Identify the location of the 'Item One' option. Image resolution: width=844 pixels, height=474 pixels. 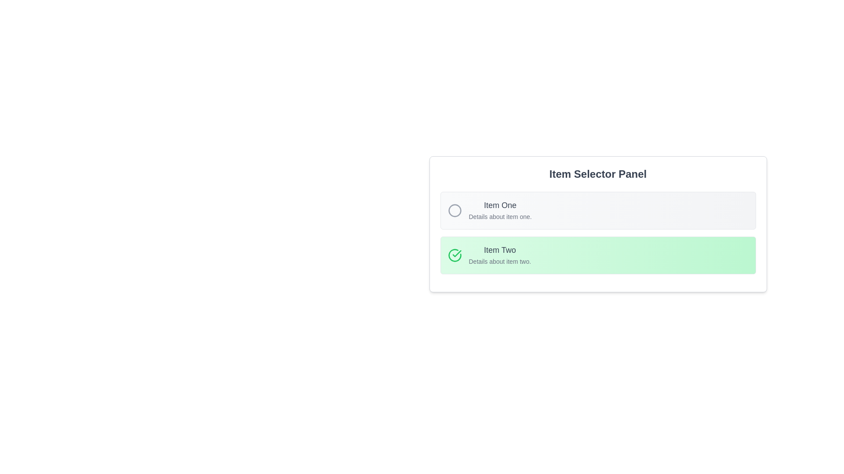
(598, 210).